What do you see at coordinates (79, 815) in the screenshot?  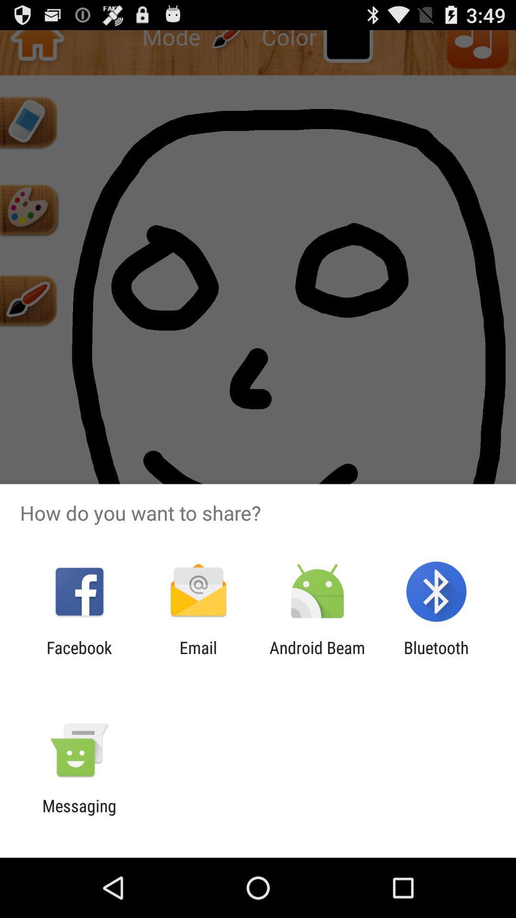 I see `messaging icon` at bounding box center [79, 815].